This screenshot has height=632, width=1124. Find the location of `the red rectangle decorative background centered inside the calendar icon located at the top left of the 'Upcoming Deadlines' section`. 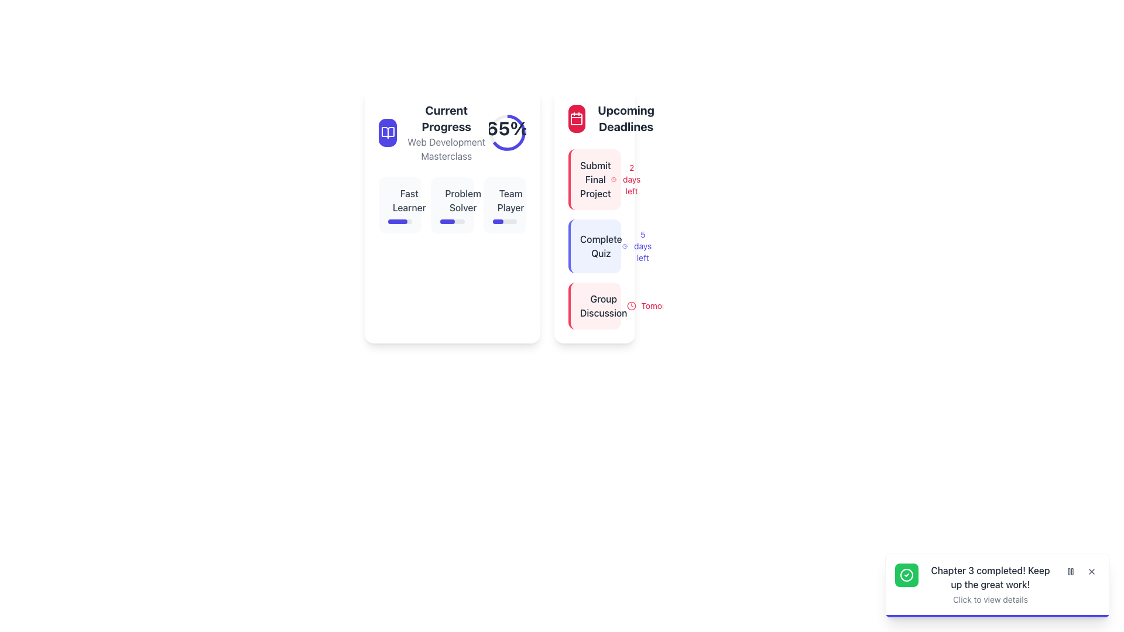

the red rectangle decorative background centered inside the calendar icon located at the top left of the 'Upcoming Deadlines' section is located at coordinates (577, 119).